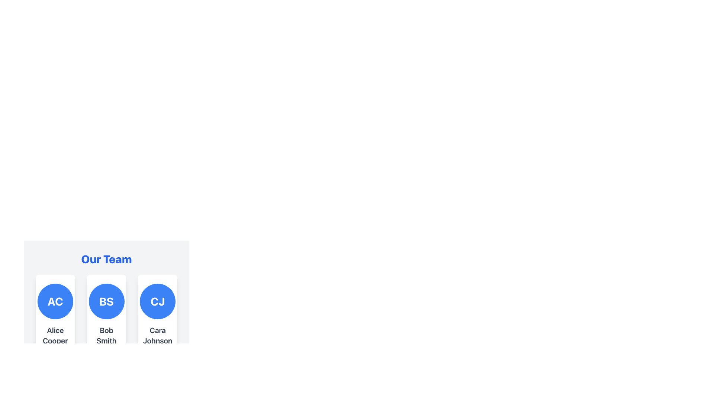  Describe the element at coordinates (55, 301) in the screenshot. I see `the first circular badge representing the initials of 'Alice Cooper', located above the name 'Alice Cooper' within the card layout` at that location.